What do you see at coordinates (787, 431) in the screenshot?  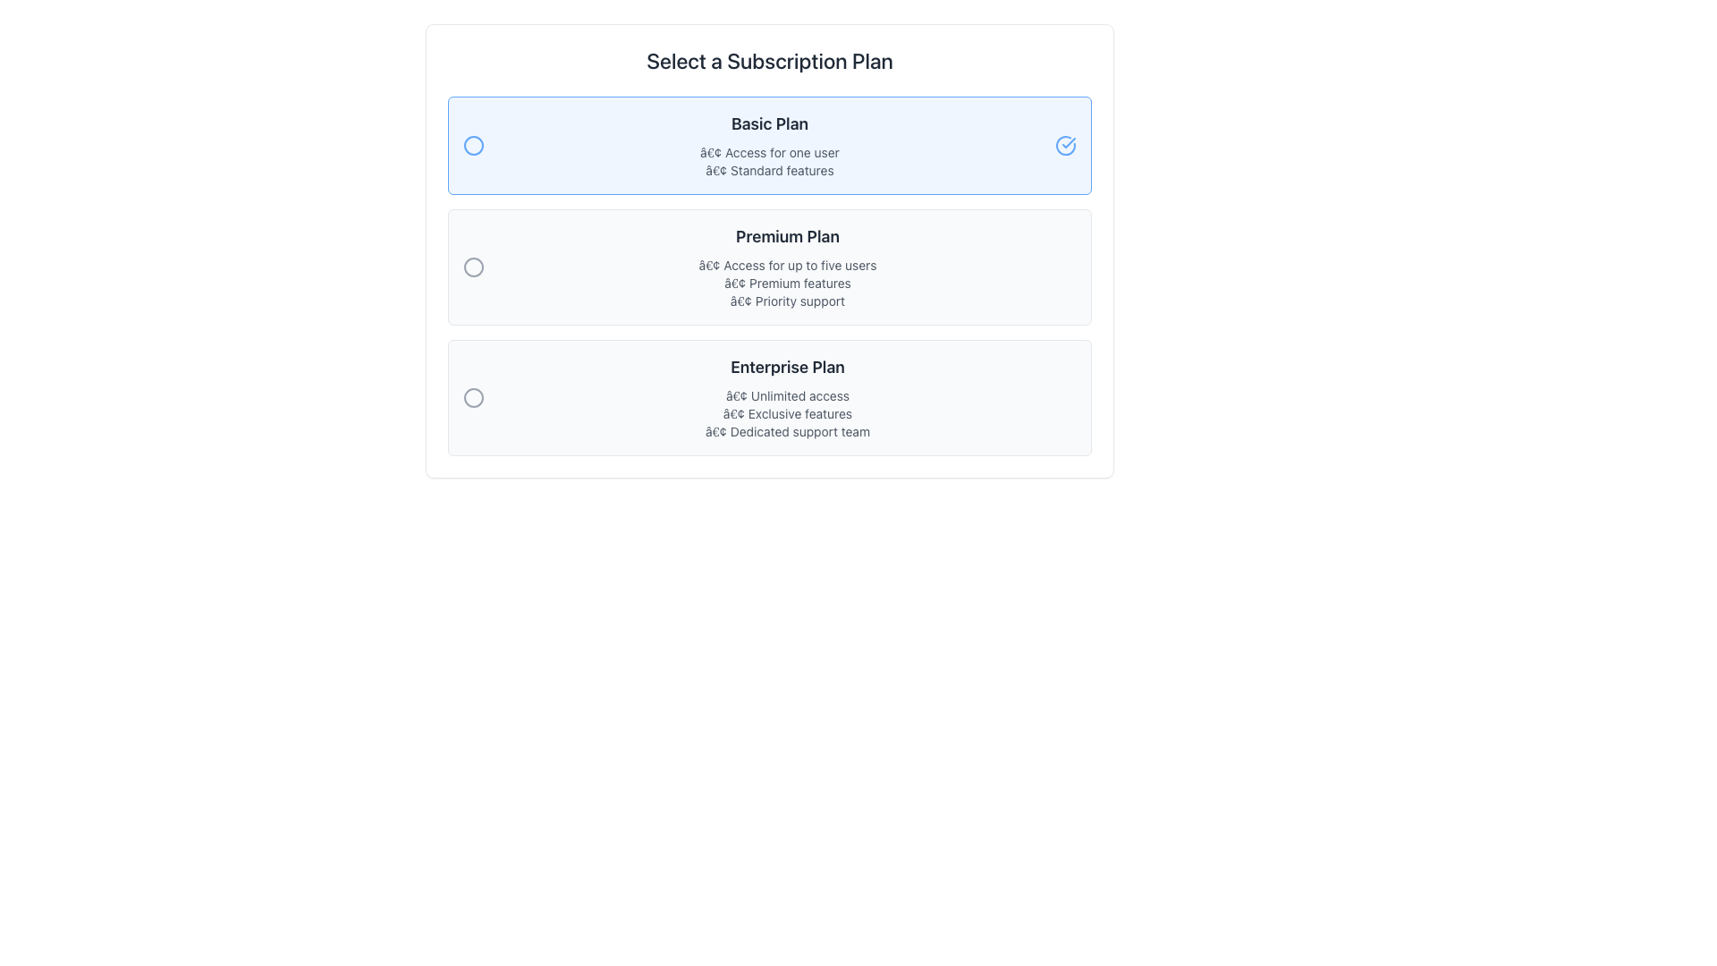 I see `the text label displaying '• Dedicated support team', which is the third item in the list of benefits under the 'Enterprise Plan' section` at bounding box center [787, 431].